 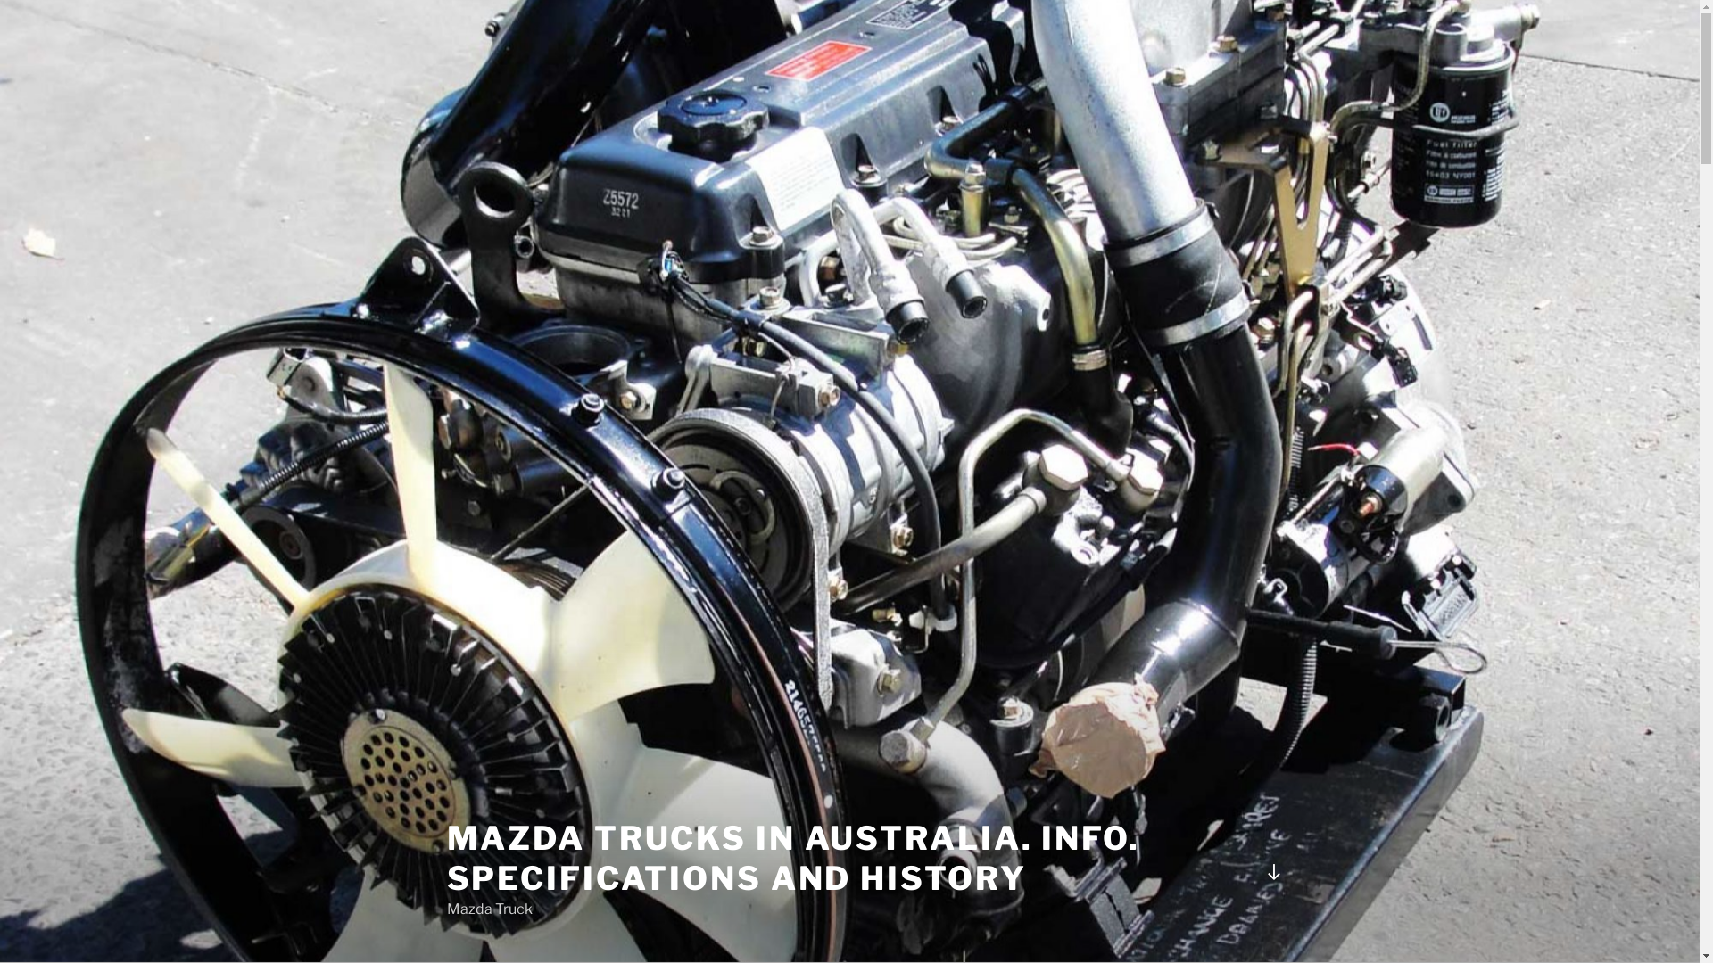 What do you see at coordinates (1271, 871) in the screenshot?
I see `'Scroll down to content'` at bounding box center [1271, 871].